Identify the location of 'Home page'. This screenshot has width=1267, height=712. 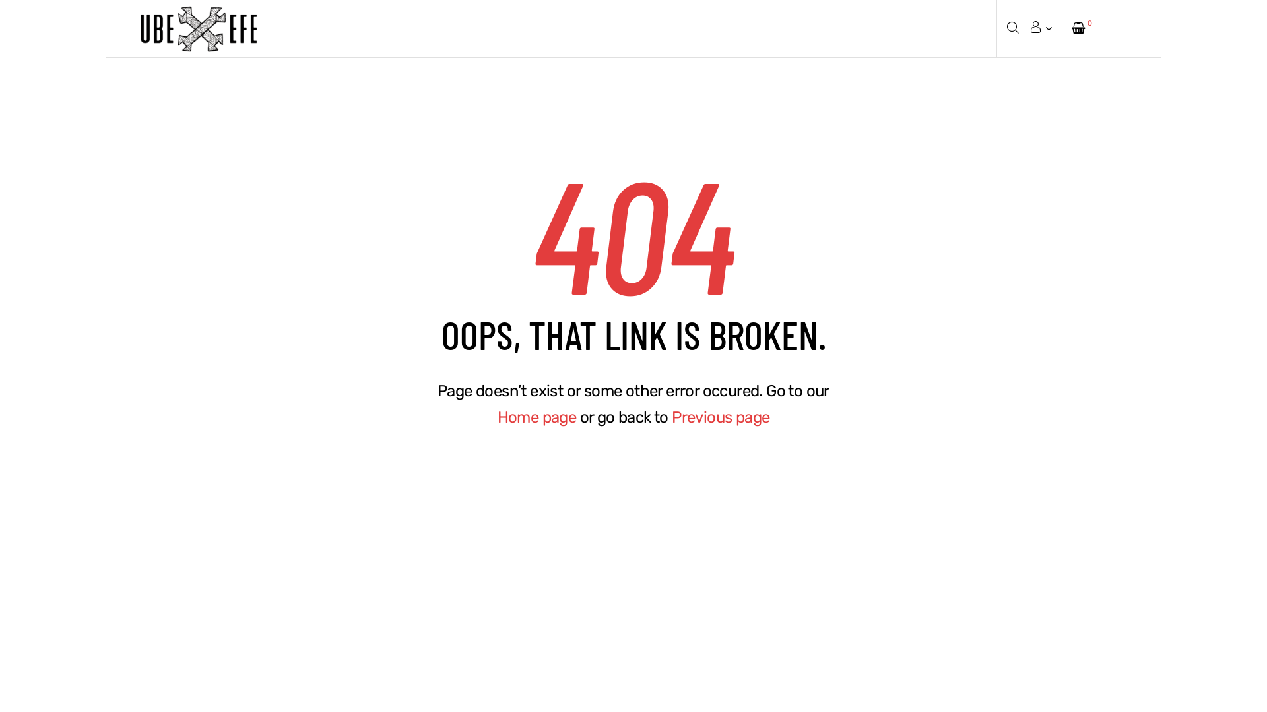
(537, 417).